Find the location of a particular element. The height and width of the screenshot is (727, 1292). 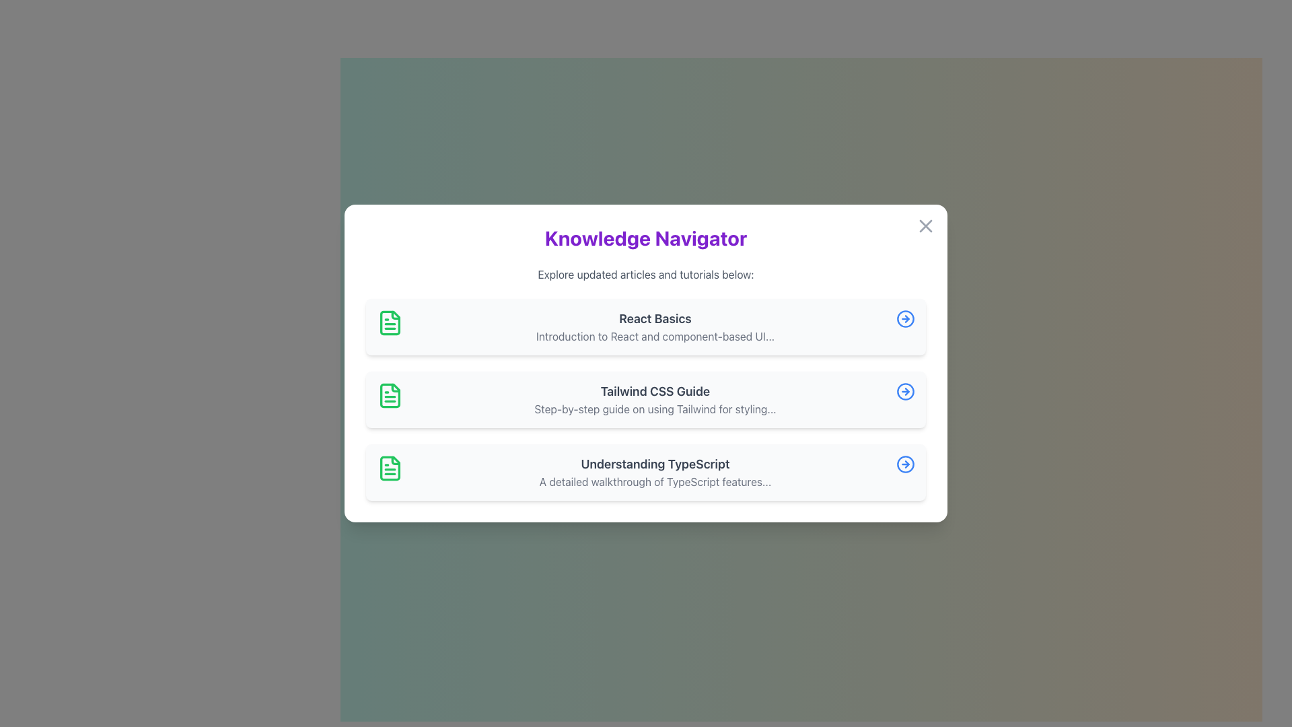

text content of the header 'React Basics' displayed in bold gray font, centrally aligned in the first card of the vertically stacked list is located at coordinates (655, 319).